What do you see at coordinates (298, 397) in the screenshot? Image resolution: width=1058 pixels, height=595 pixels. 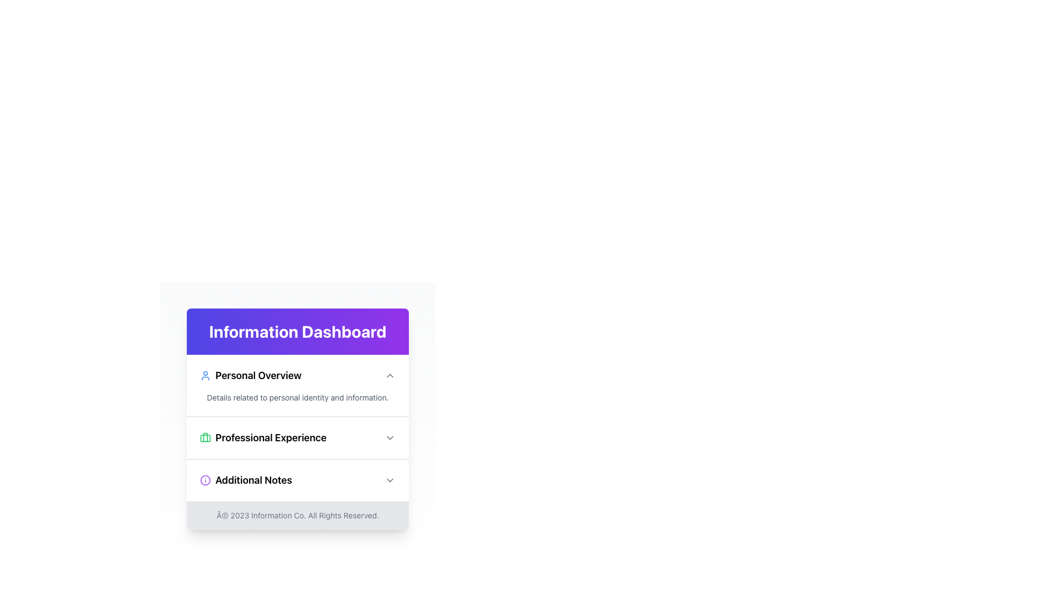 I see `the descriptive text element providing information about the 'Personal Overview' section, located centrally between the section title and the 'Professional Experience' section` at bounding box center [298, 397].